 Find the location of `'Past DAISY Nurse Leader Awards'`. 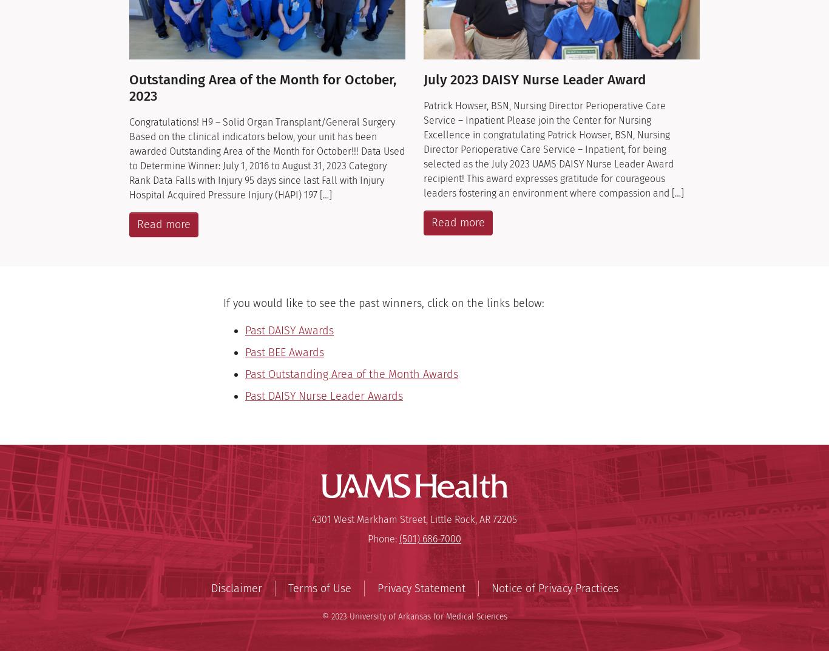

'Past DAISY Nurse Leader Awards' is located at coordinates (323, 396).